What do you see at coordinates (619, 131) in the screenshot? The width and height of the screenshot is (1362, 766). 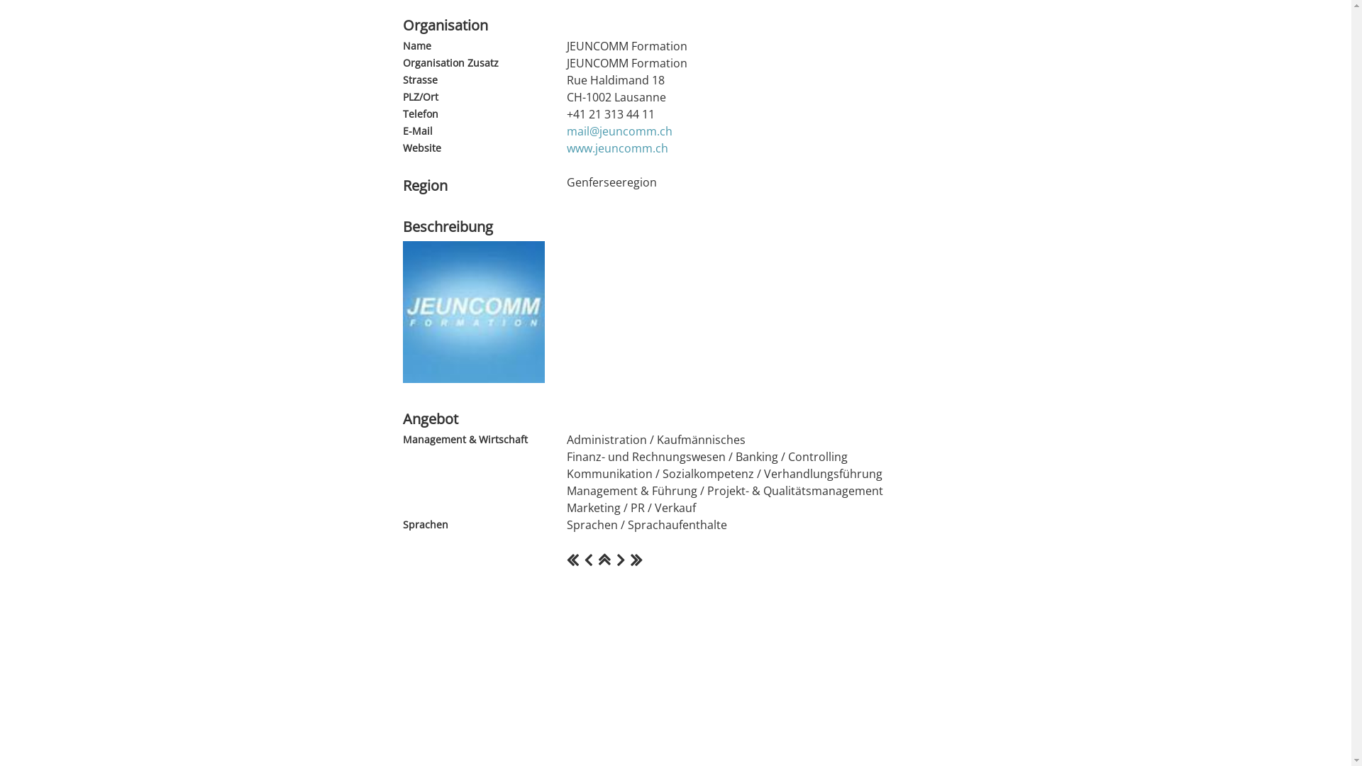 I see `'mail@jeuncomm.ch'` at bounding box center [619, 131].